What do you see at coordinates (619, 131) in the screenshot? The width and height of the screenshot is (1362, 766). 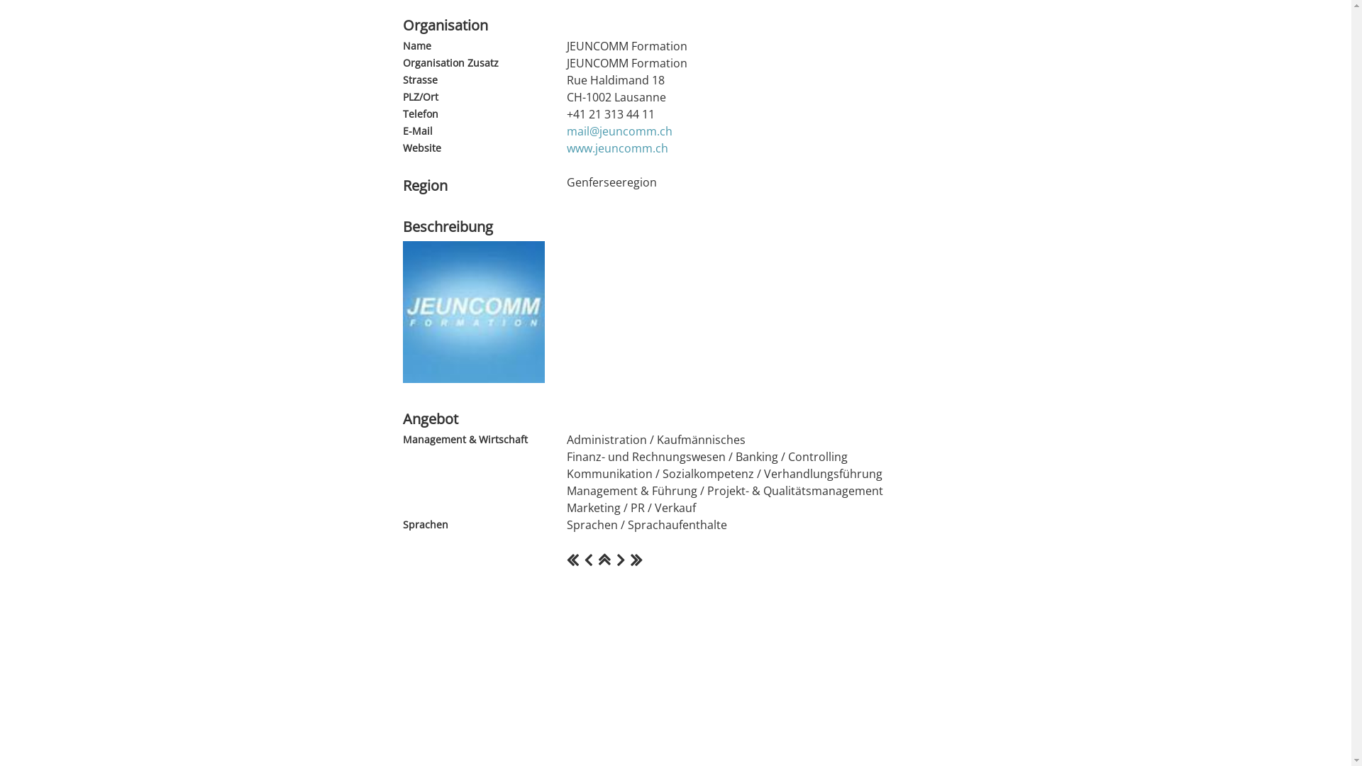 I see `'mail@jeuncomm.ch'` at bounding box center [619, 131].